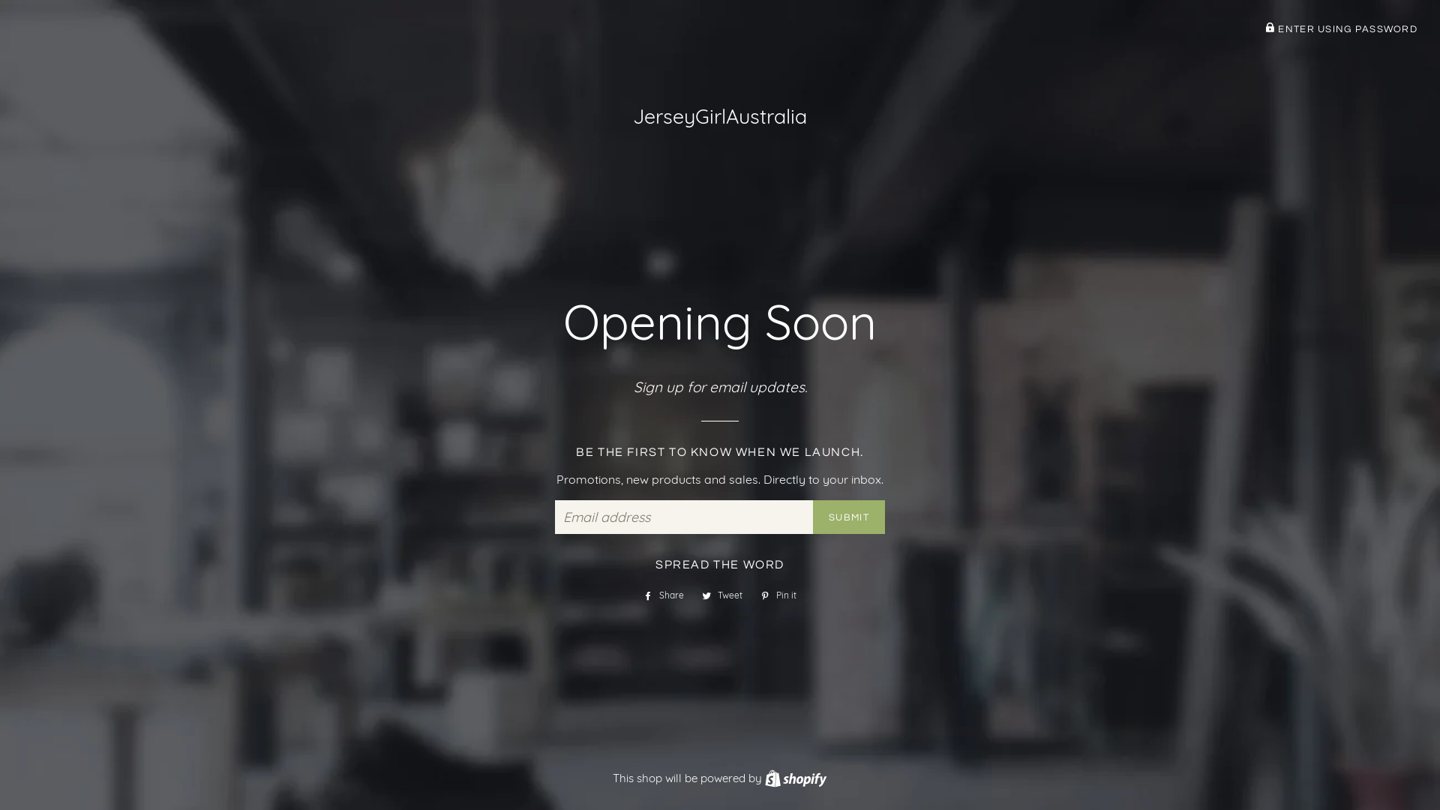 The height and width of the screenshot is (810, 1440). Describe the element at coordinates (778, 595) in the screenshot. I see `'Pin it` at that location.